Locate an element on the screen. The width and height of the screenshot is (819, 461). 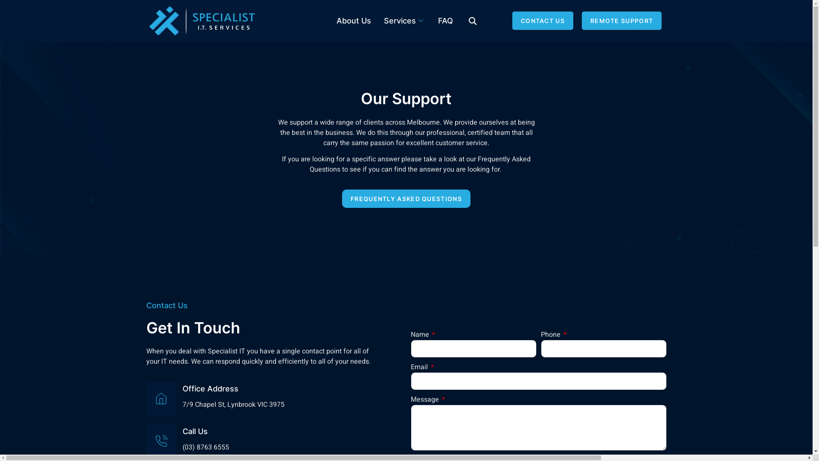
'REMOTE SUPPORT' is located at coordinates (622, 20).